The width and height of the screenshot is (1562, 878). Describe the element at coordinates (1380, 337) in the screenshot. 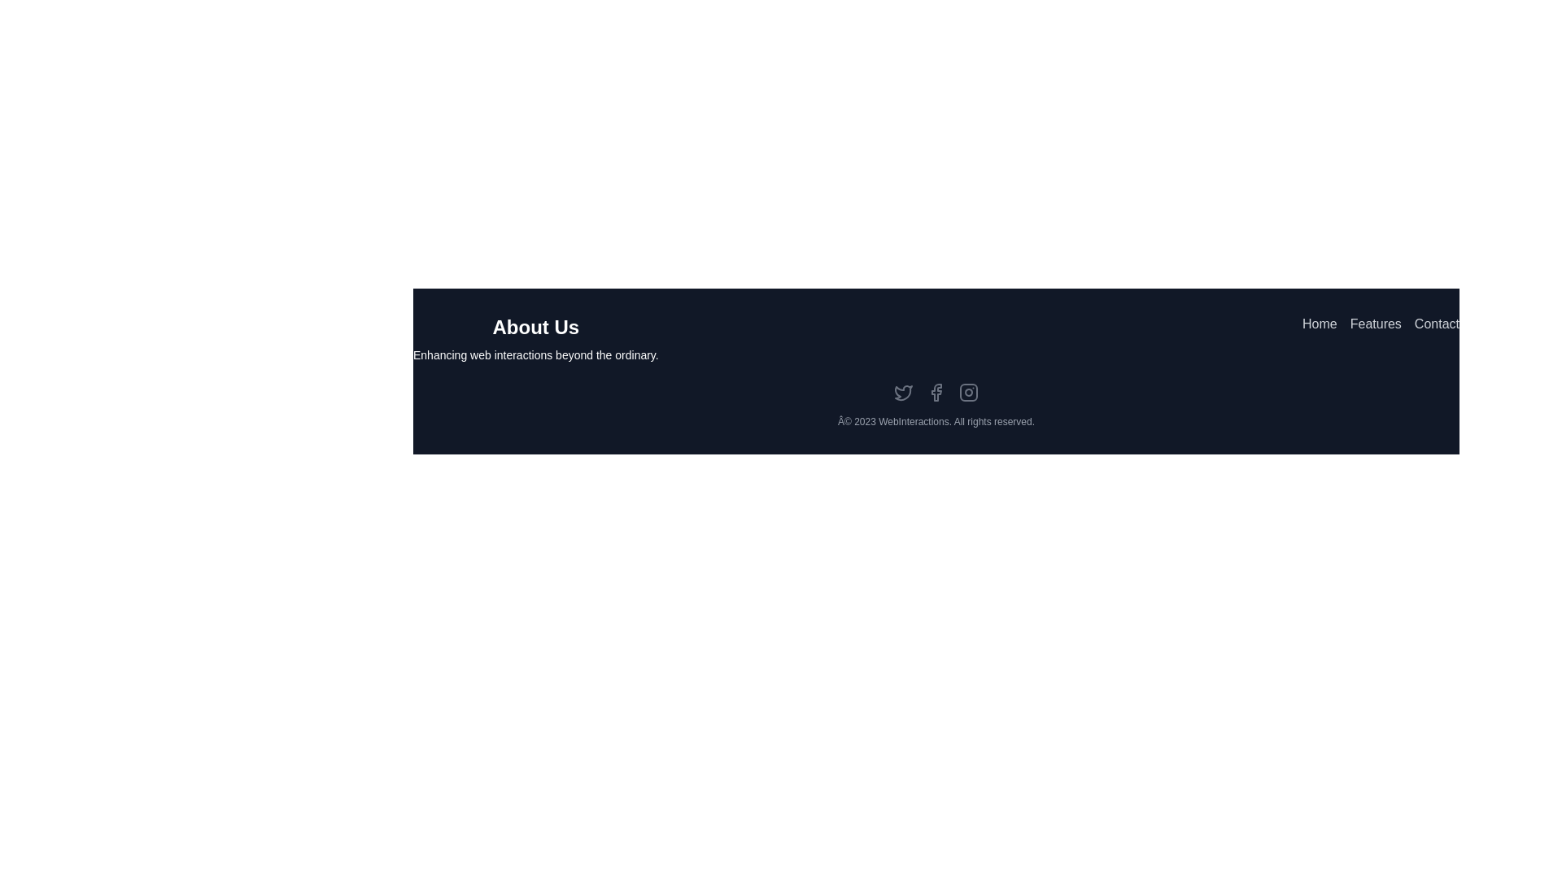

I see `the Navigation Menu` at that location.